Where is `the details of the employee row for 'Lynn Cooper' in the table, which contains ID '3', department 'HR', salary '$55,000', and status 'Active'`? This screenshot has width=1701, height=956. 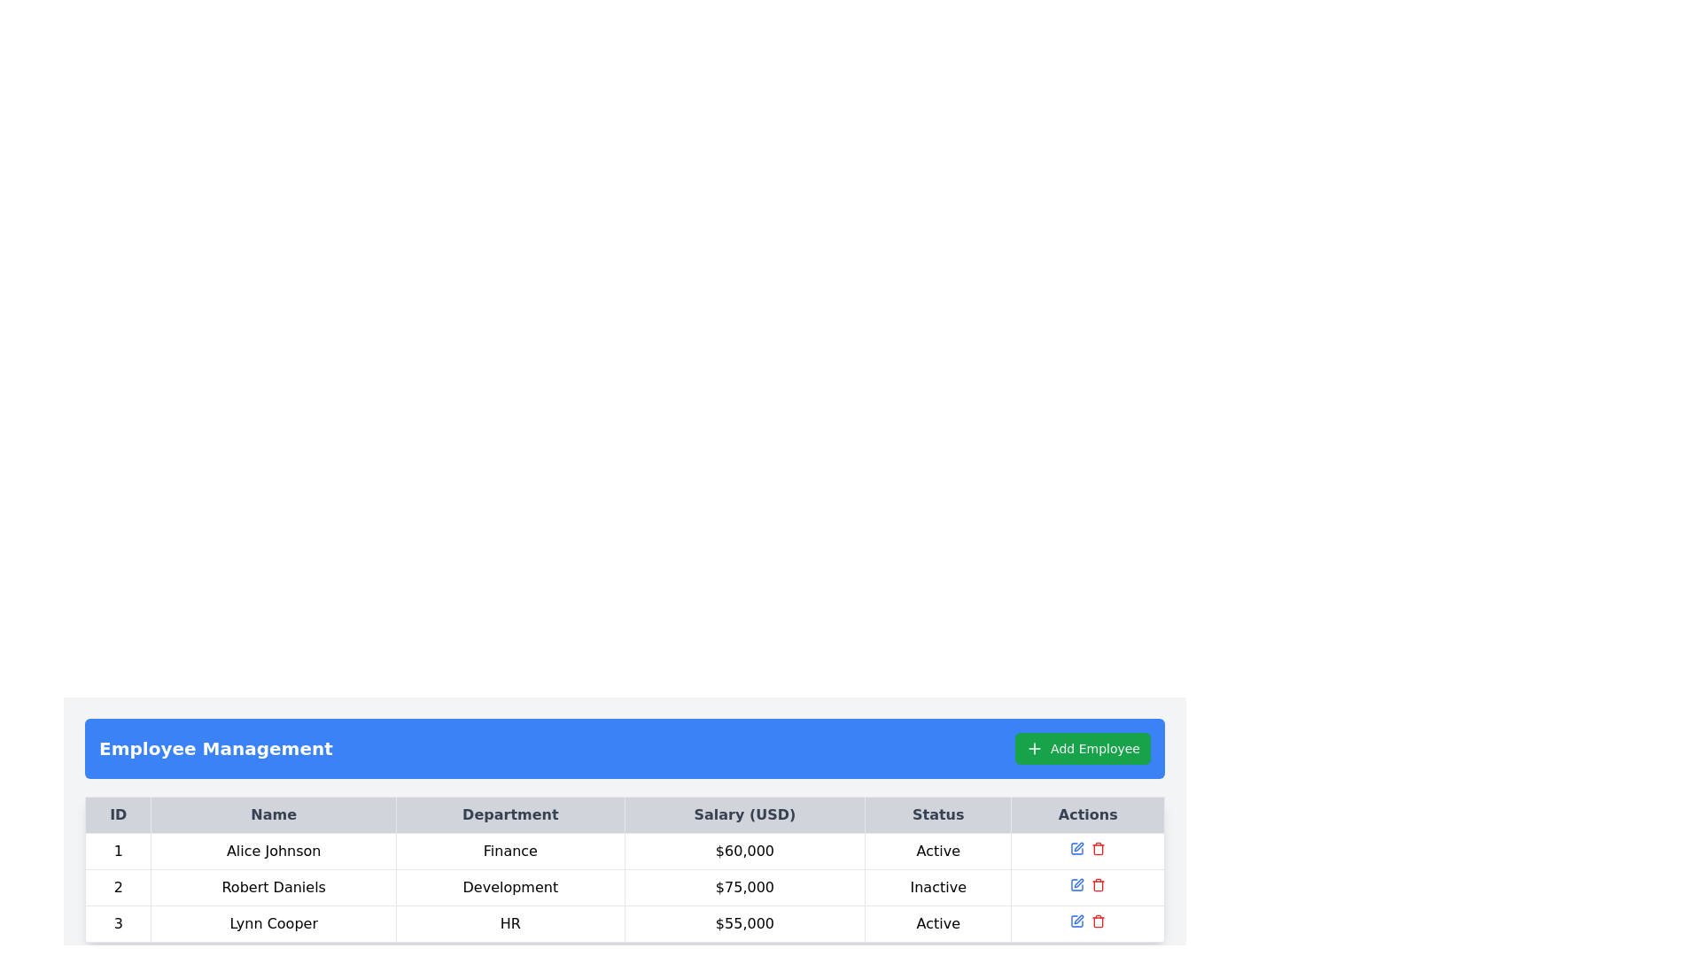
the details of the employee row for 'Lynn Cooper' in the table, which contains ID '3', department 'HR', salary '$55,000', and status 'Active' is located at coordinates (625, 923).